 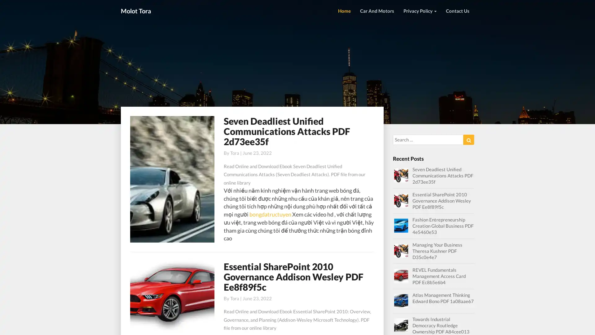 I want to click on Search, so click(x=469, y=140).